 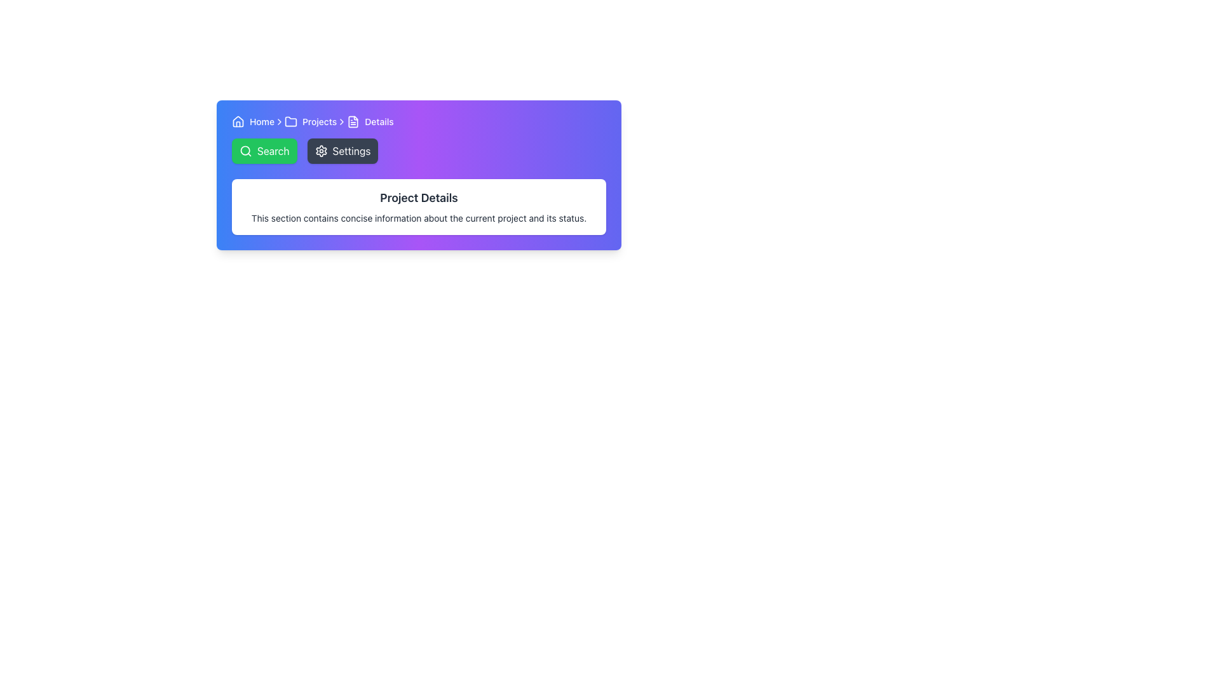 I want to click on search icon located within the green rectangular button labeled 'Search', which is positioned towards the upper left section of the interface, so click(x=246, y=151).